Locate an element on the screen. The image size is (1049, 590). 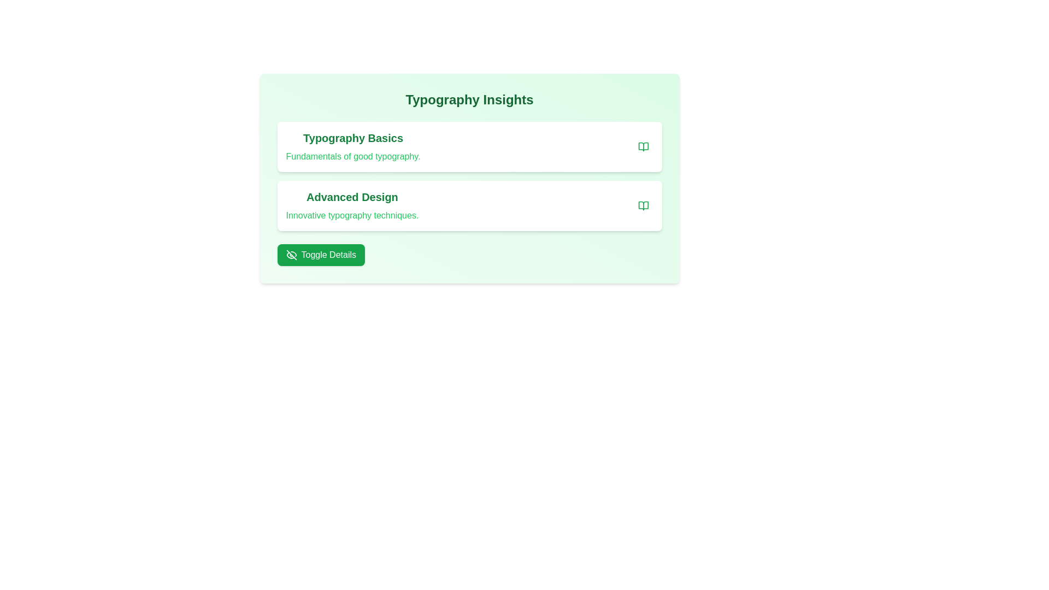
the icon located to the left of the 'Toggle Details' button in the 'Typography Insights' card is located at coordinates (291, 255).